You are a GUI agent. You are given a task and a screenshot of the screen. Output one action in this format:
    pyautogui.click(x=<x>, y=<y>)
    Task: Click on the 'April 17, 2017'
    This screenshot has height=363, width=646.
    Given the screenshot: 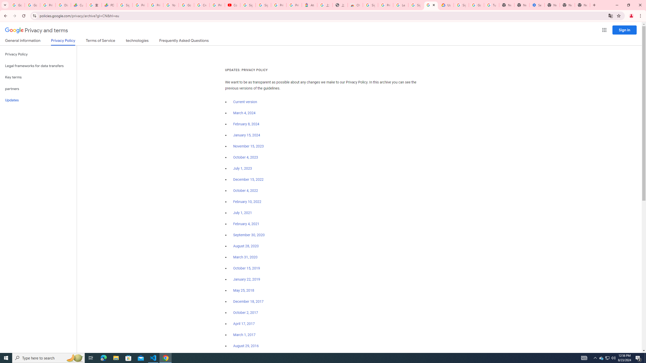 What is the action you would take?
    pyautogui.click(x=244, y=323)
    